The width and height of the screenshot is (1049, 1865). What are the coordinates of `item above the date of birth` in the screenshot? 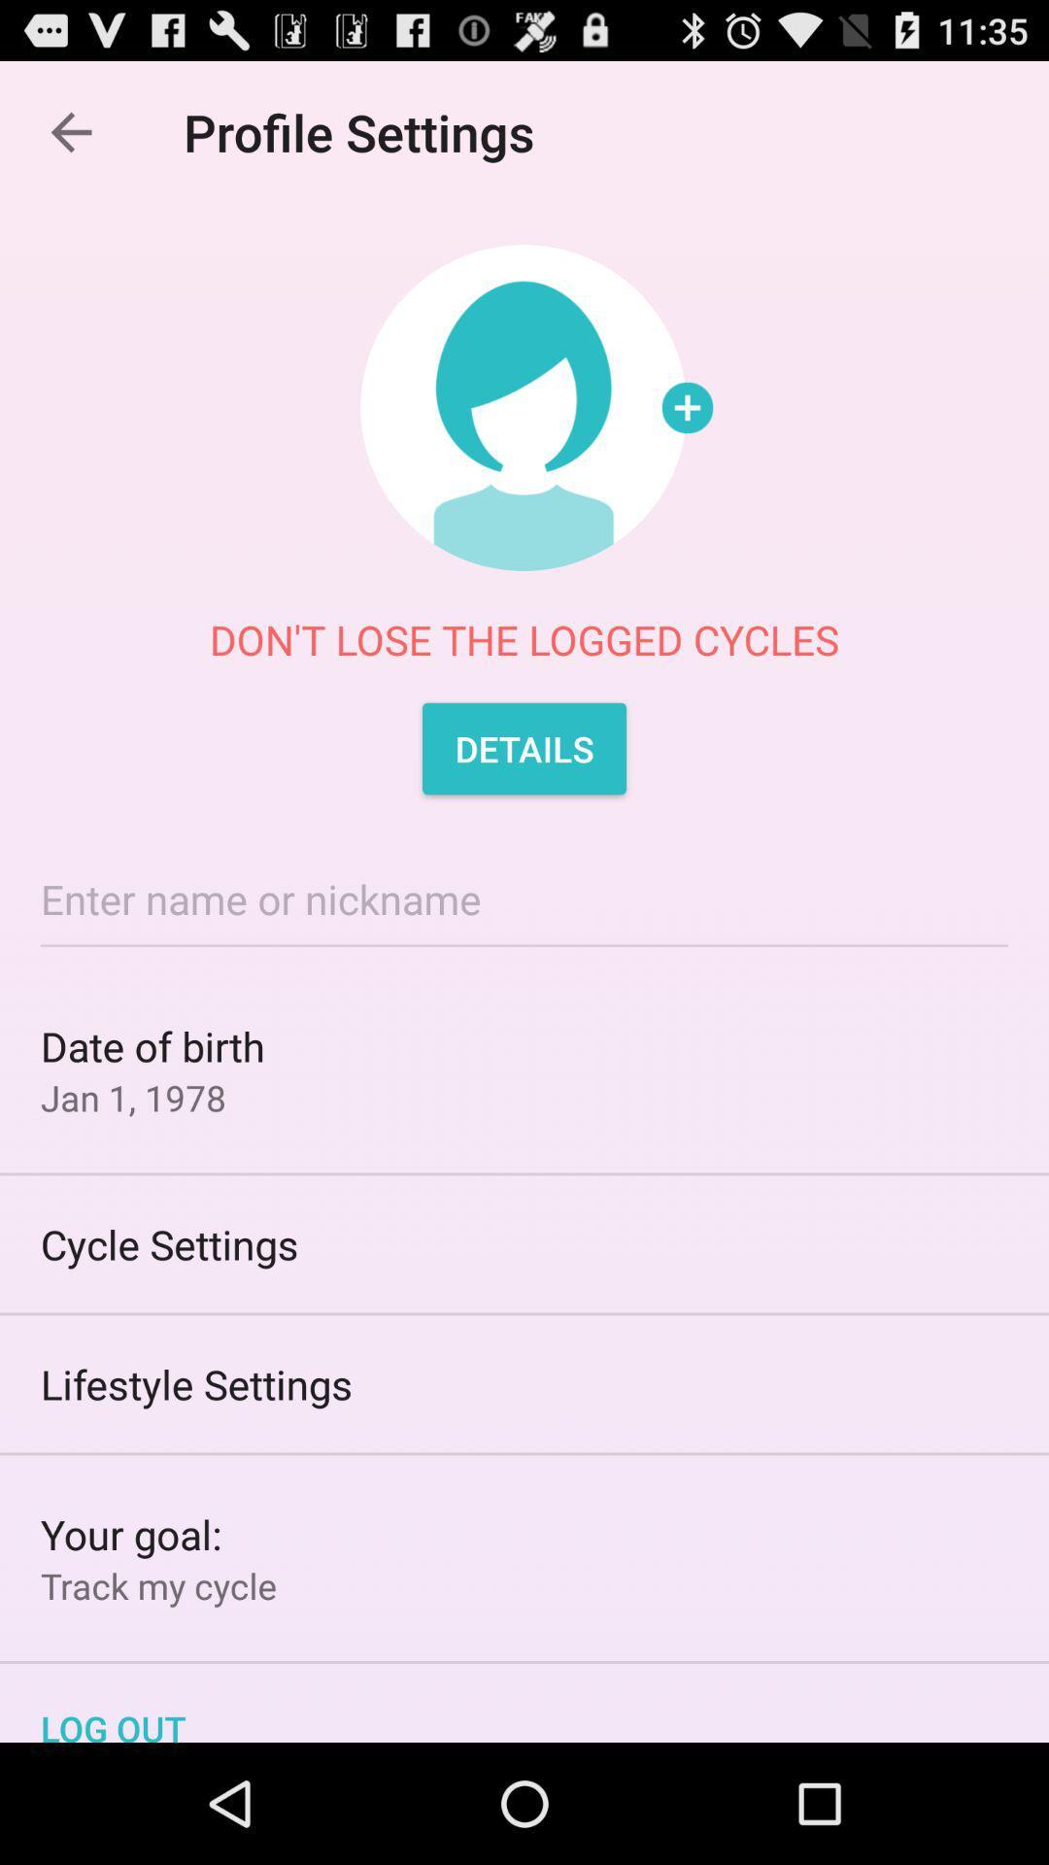 It's located at (524, 898).